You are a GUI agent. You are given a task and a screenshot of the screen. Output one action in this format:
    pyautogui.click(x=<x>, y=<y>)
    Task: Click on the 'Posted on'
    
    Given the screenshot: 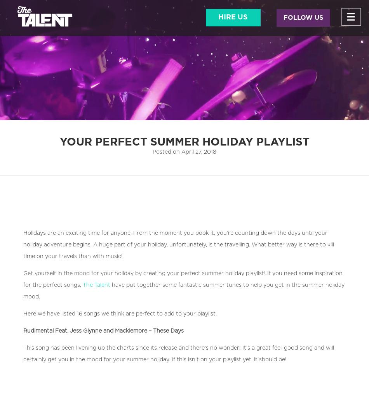 What is the action you would take?
    pyautogui.click(x=165, y=152)
    